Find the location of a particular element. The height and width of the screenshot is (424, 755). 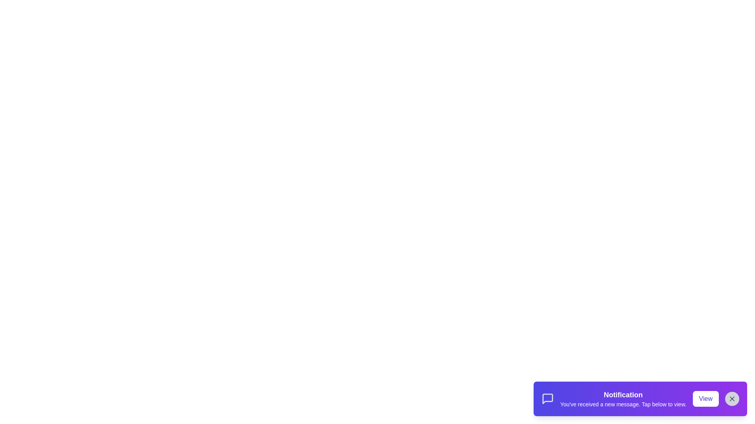

the message square icon on the left of the notification is located at coordinates (547, 398).